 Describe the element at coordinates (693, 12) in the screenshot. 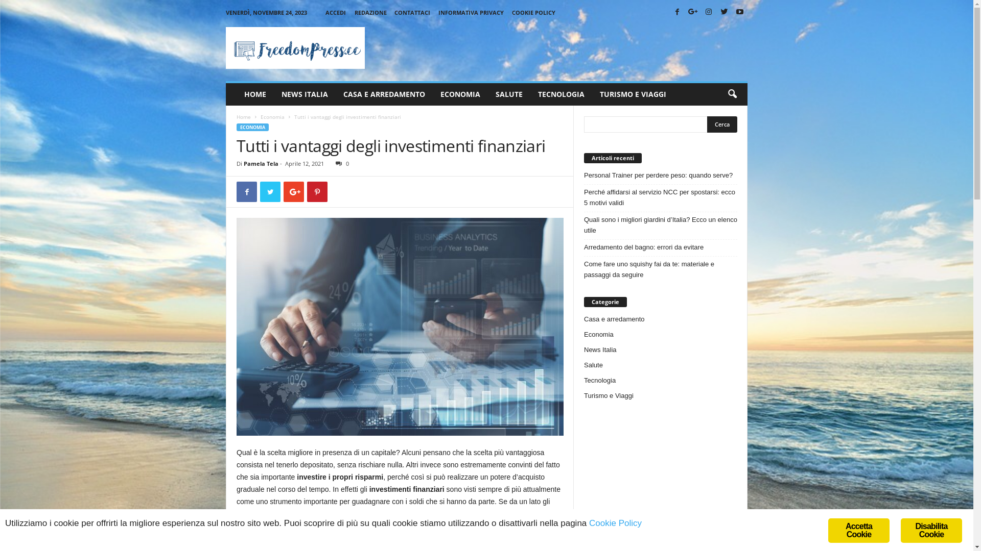

I see `'Google+'` at that location.